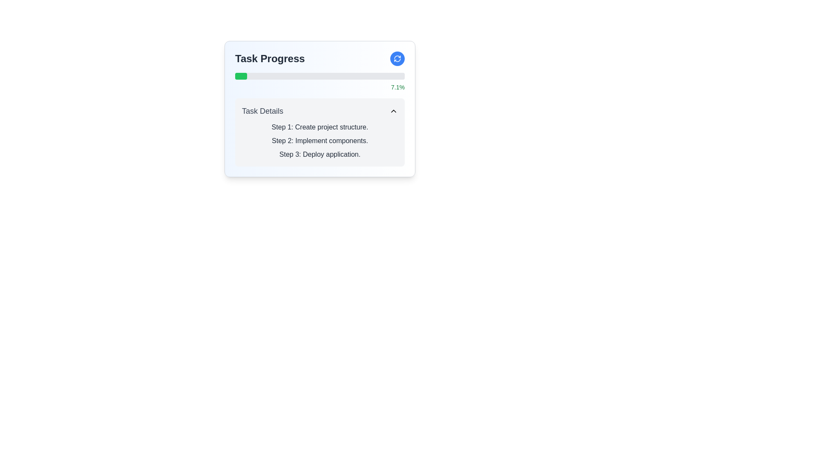 This screenshot has width=818, height=460. Describe the element at coordinates (397, 58) in the screenshot. I see `the circular blue button with a refresh icon located to the right of the 'Task Progress' text` at that location.